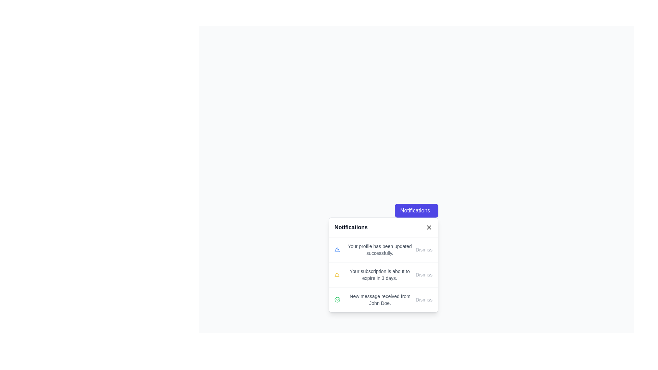 The image size is (658, 370). Describe the element at coordinates (337, 250) in the screenshot. I see `the triangular warning icon with a blue border and white interior, which is the leftmost component of the first notification entry in the 'Notifications' popup window` at that location.